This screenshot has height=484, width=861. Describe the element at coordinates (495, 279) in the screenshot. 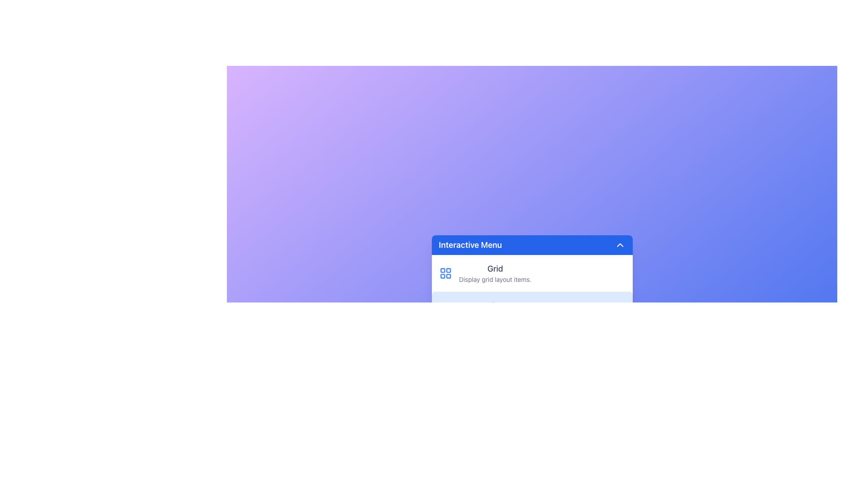

I see `the text label that provides supplementary information for the 'Grid' option, which is centrally located below the 'Grid' title` at that location.